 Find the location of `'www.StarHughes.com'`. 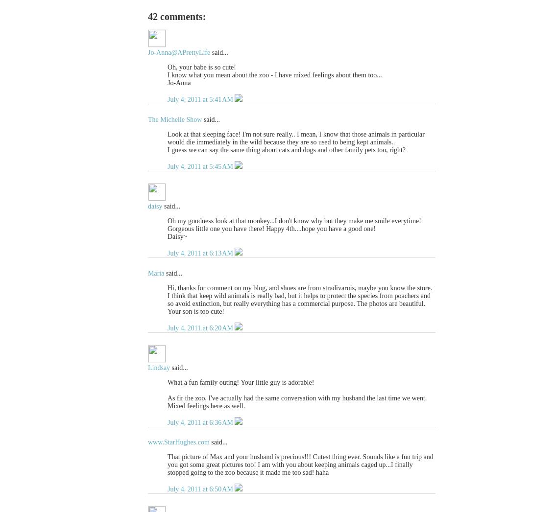

'www.StarHughes.com' is located at coordinates (178, 442).